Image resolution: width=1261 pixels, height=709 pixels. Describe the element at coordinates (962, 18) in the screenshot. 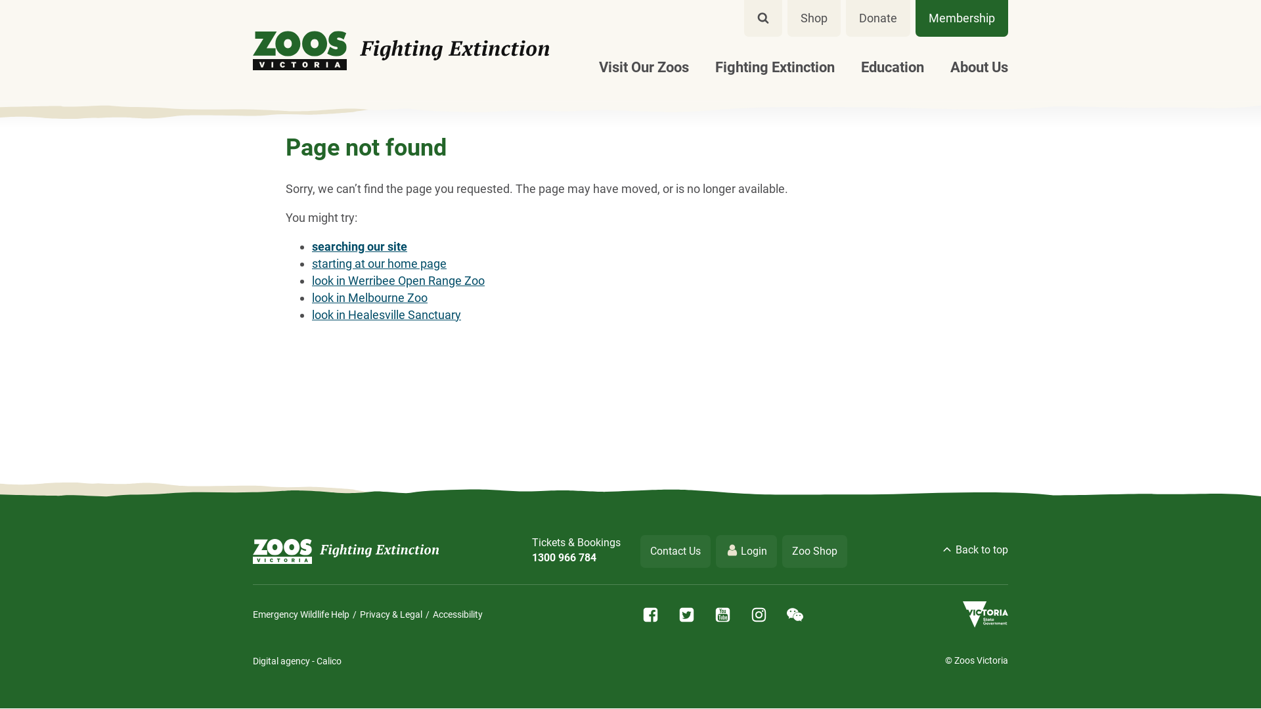

I see `'Membership'` at that location.